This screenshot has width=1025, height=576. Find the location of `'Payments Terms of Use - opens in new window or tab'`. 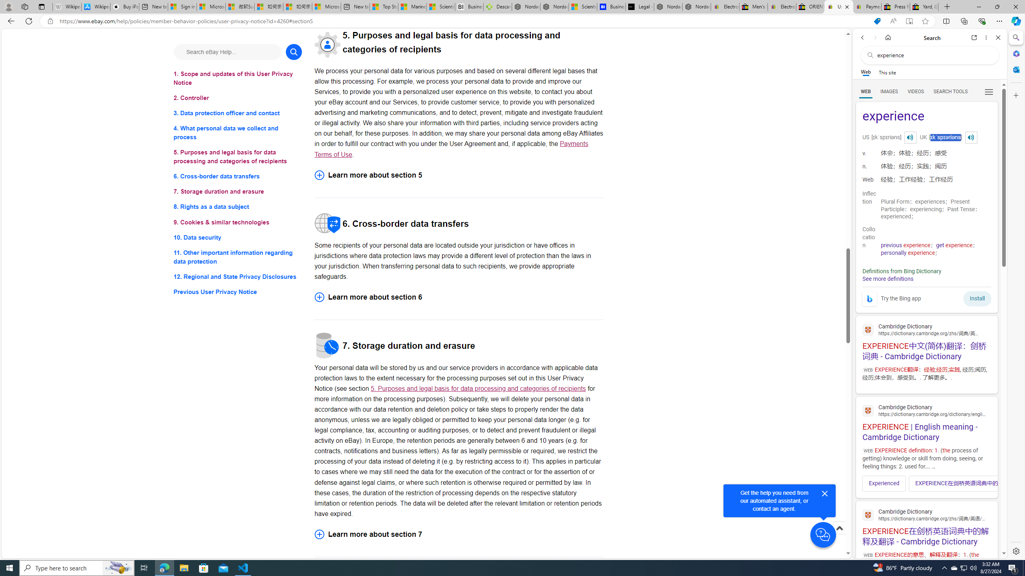

'Payments Terms of Use - opens in new window or tab' is located at coordinates (451, 148).